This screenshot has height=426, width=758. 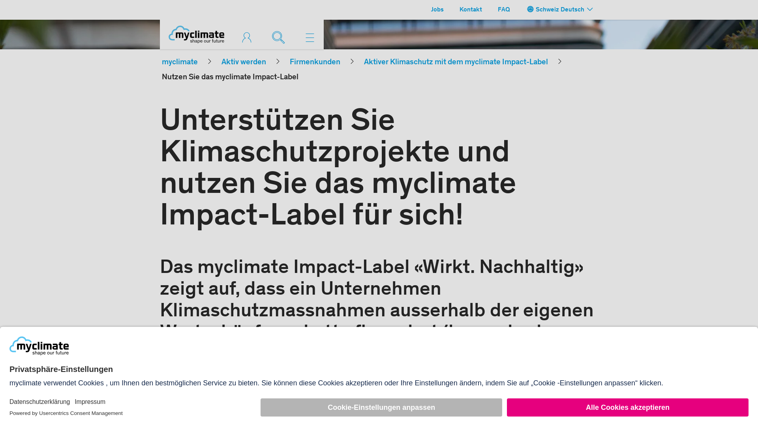 What do you see at coordinates (221, 62) in the screenshot?
I see `'Aktiv werden'` at bounding box center [221, 62].